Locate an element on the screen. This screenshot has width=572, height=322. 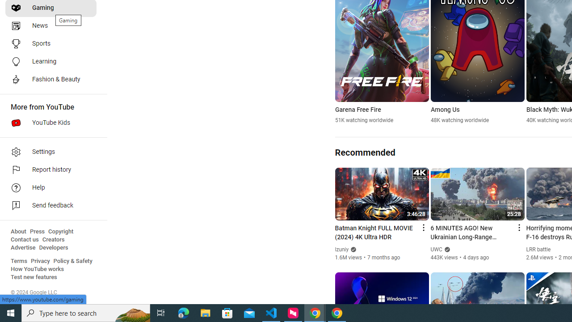
'About' is located at coordinates (18, 231).